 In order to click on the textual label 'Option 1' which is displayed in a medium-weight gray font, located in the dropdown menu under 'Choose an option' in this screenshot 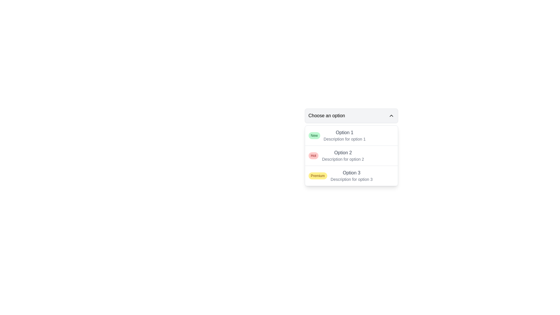, I will do `click(344, 133)`.